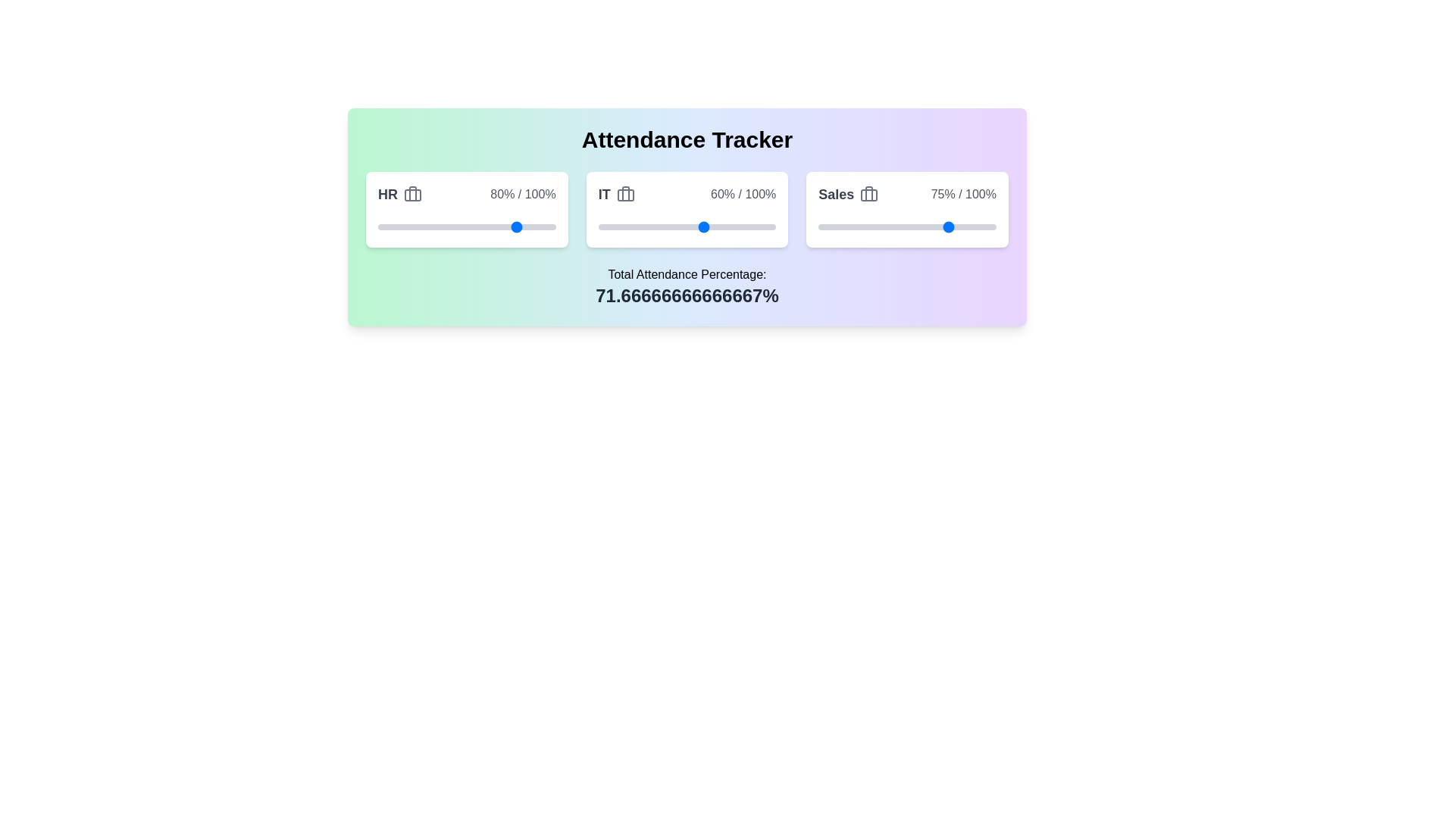 Image resolution: width=1455 pixels, height=818 pixels. Describe the element at coordinates (687, 217) in the screenshot. I see `the statistics display panel that shows team attendance statistics, positioned centrally below the 'Attendance Tracker' heading` at that location.